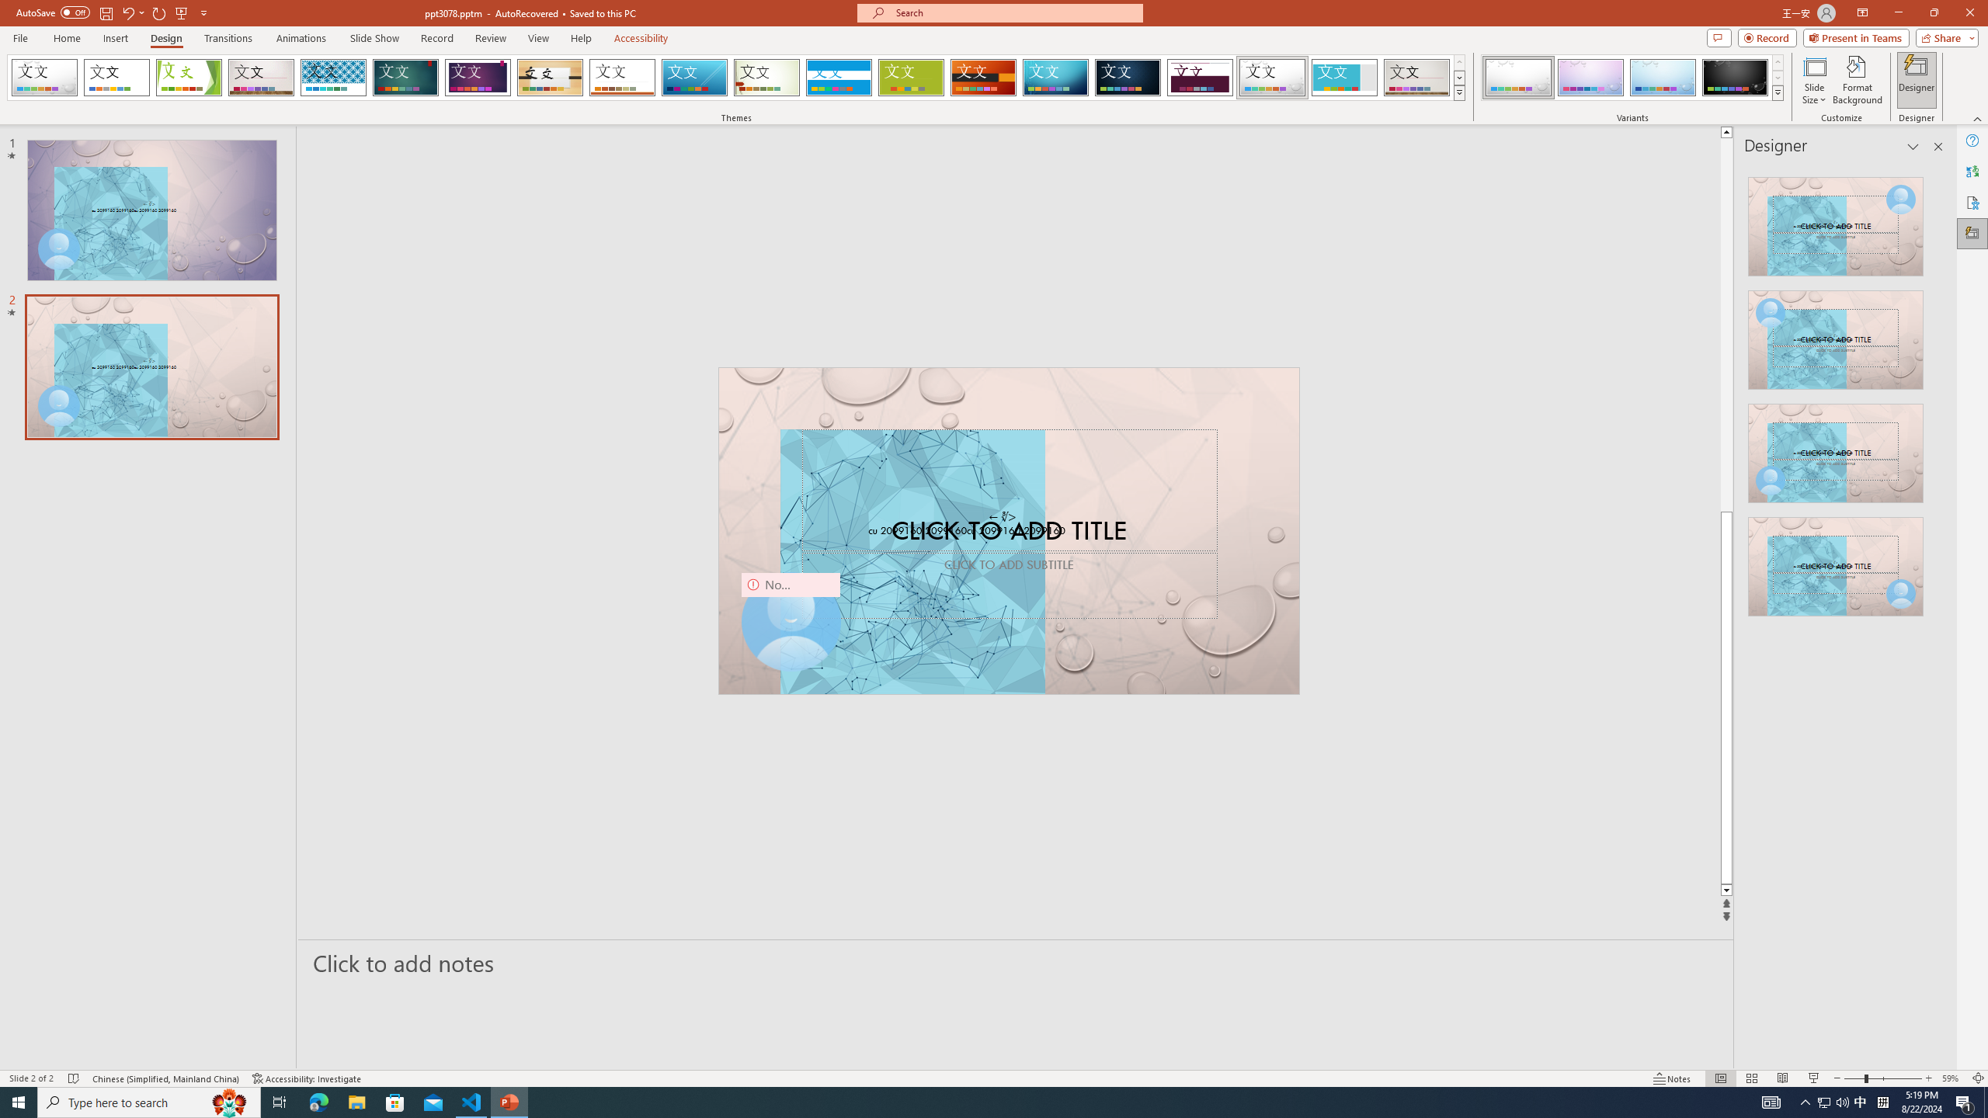  I want to click on 'TextBox 61', so click(1006, 532).